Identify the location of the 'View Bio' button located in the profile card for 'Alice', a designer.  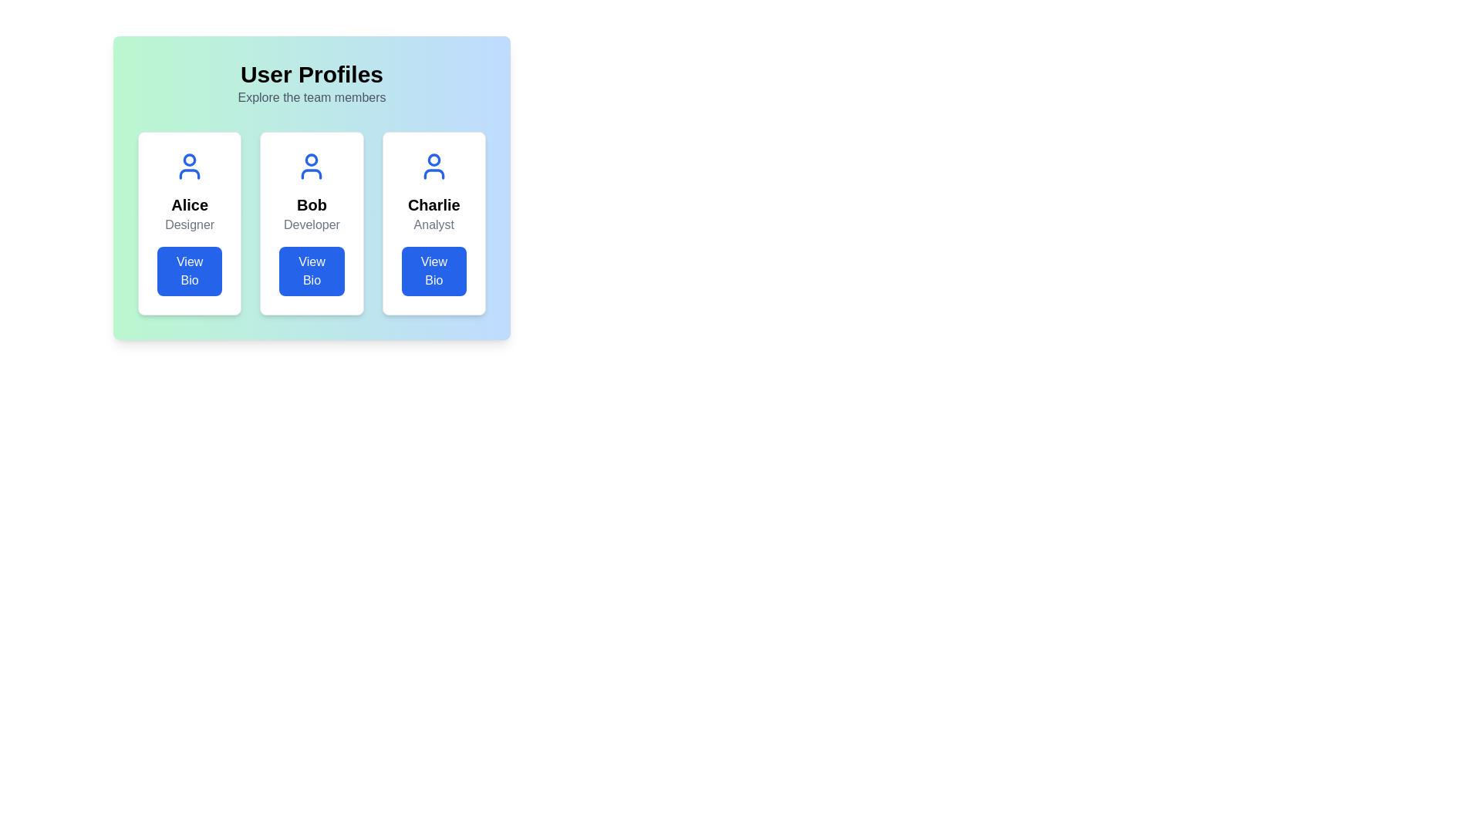
(189, 270).